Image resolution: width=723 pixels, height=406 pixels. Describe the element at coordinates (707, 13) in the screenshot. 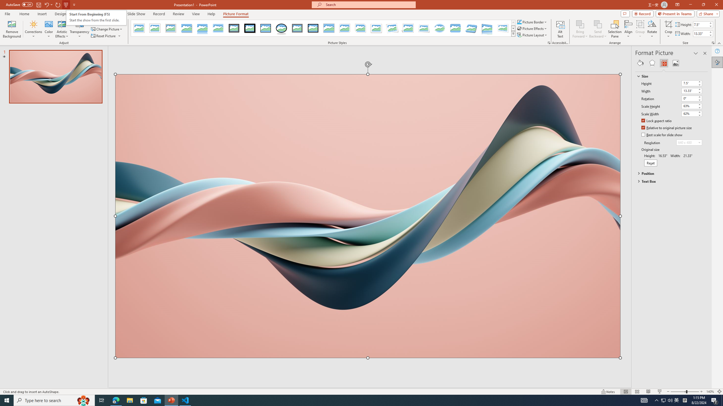

I see `'Share'` at that location.